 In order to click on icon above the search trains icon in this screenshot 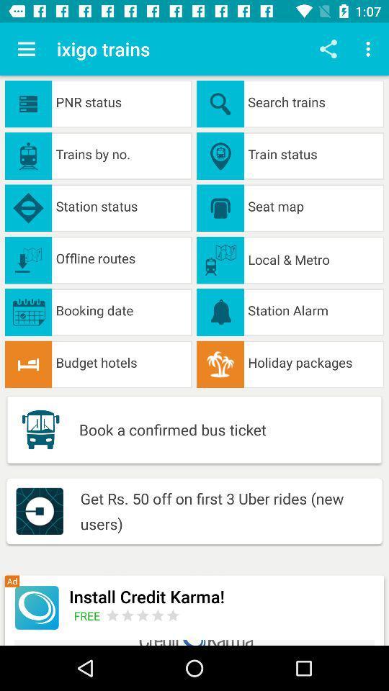, I will do `click(370, 49)`.